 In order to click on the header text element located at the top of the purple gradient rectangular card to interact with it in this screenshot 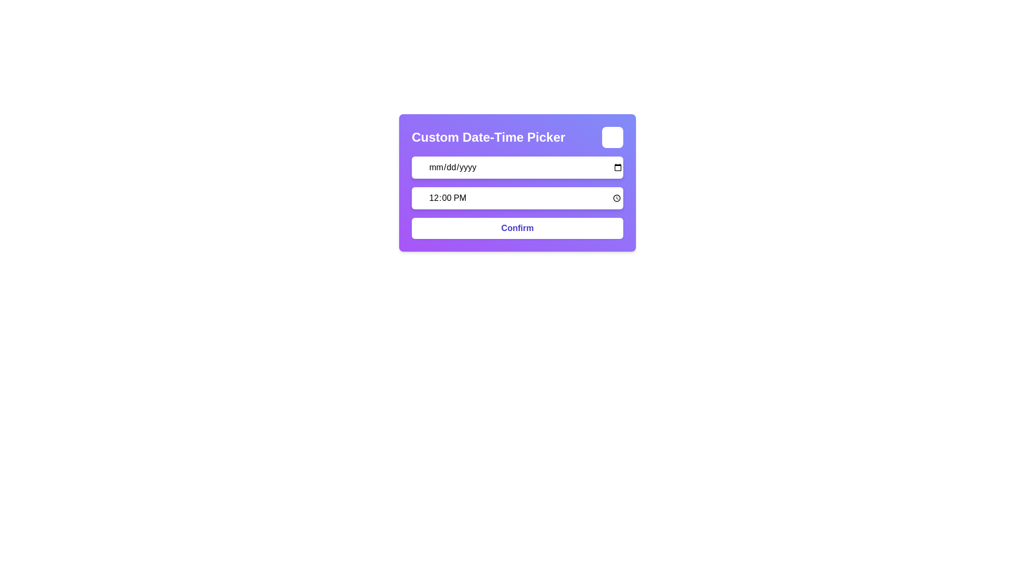, I will do `click(518, 136)`.